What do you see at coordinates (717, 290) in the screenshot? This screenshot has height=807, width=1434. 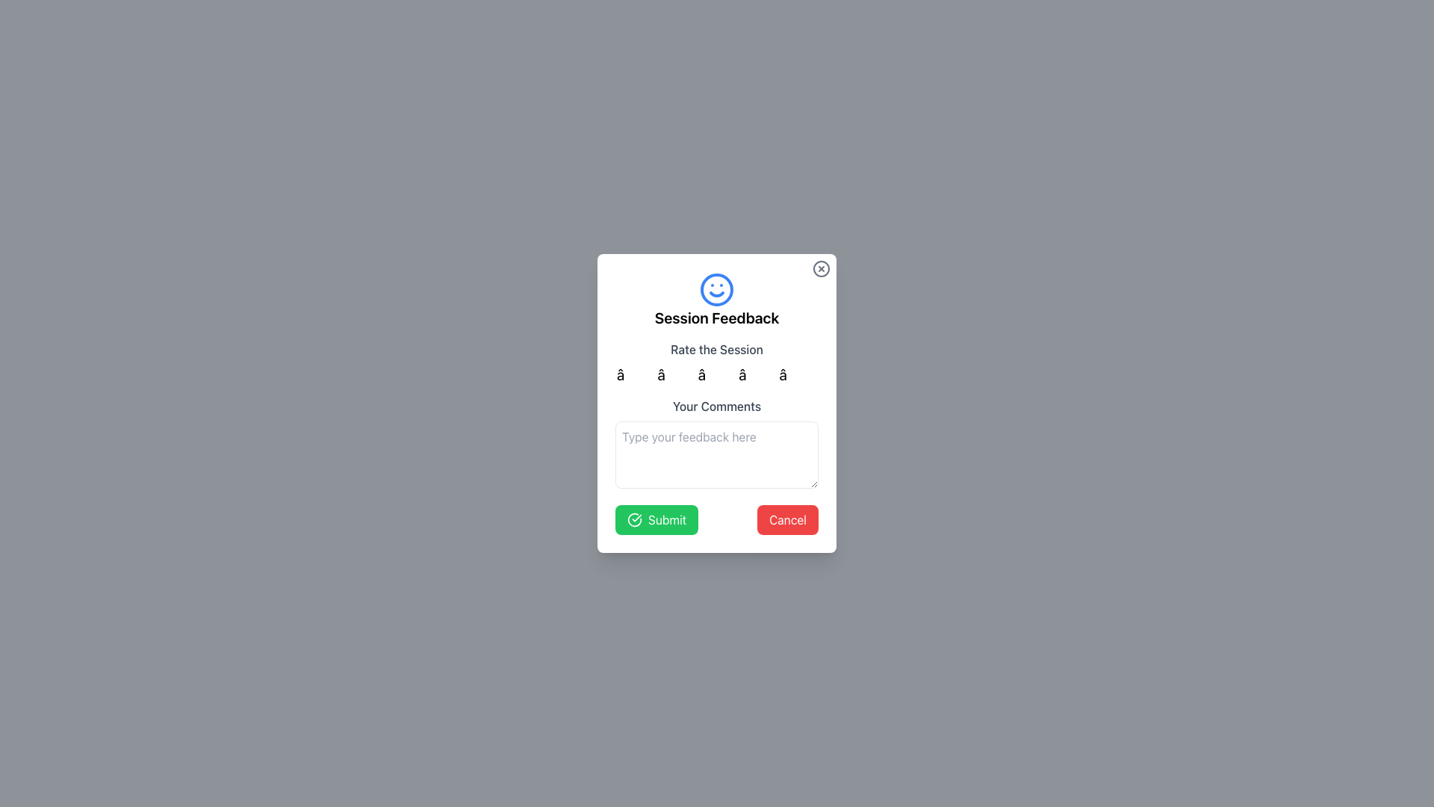 I see `the decorative icon located at the center of the feedback card interface, which symbolizes positivity or feedback, positioned above the 'Session Feedback' text` at bounding box center [717, 290].